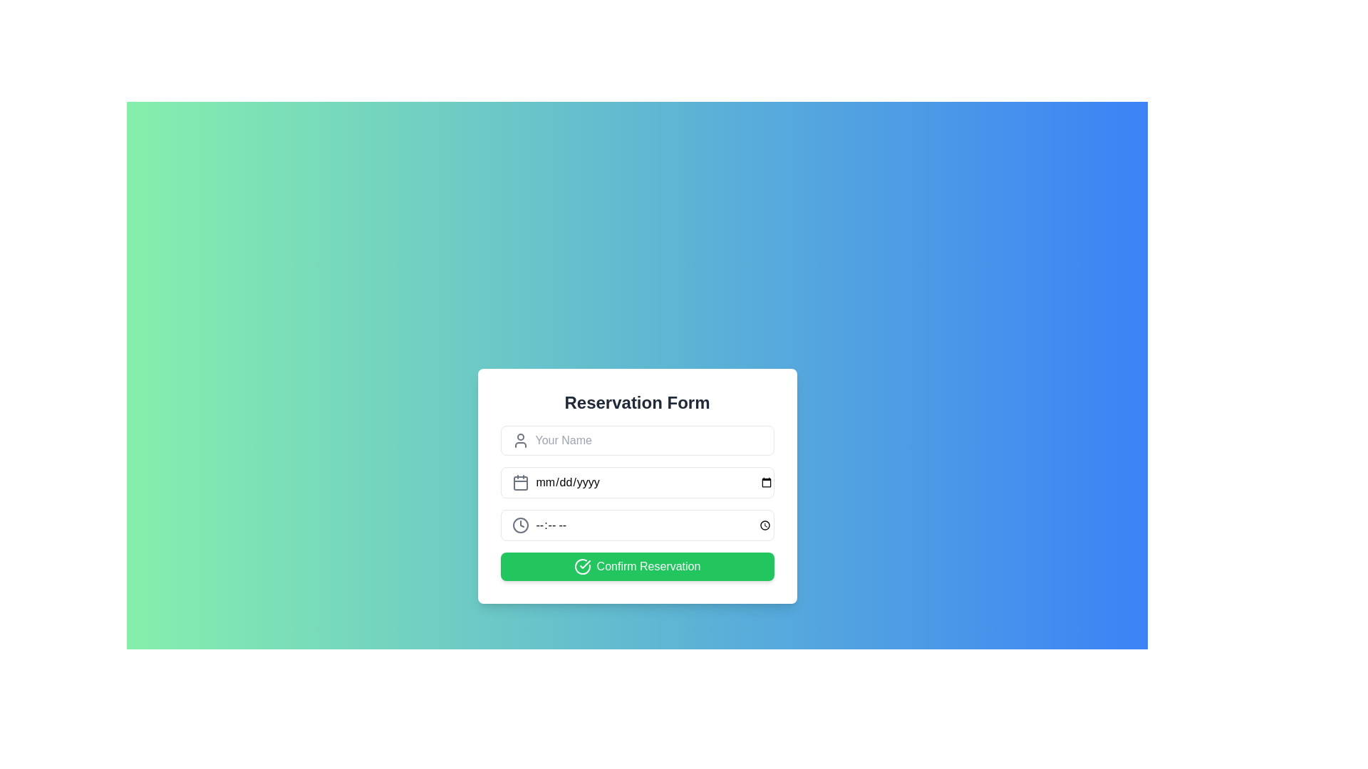  Describe the element at coordinates (519, 525) in the screenshot. I see `the SVG Circle element that visually represents the clock icon in the fourth input field of the reservation form` at that location.